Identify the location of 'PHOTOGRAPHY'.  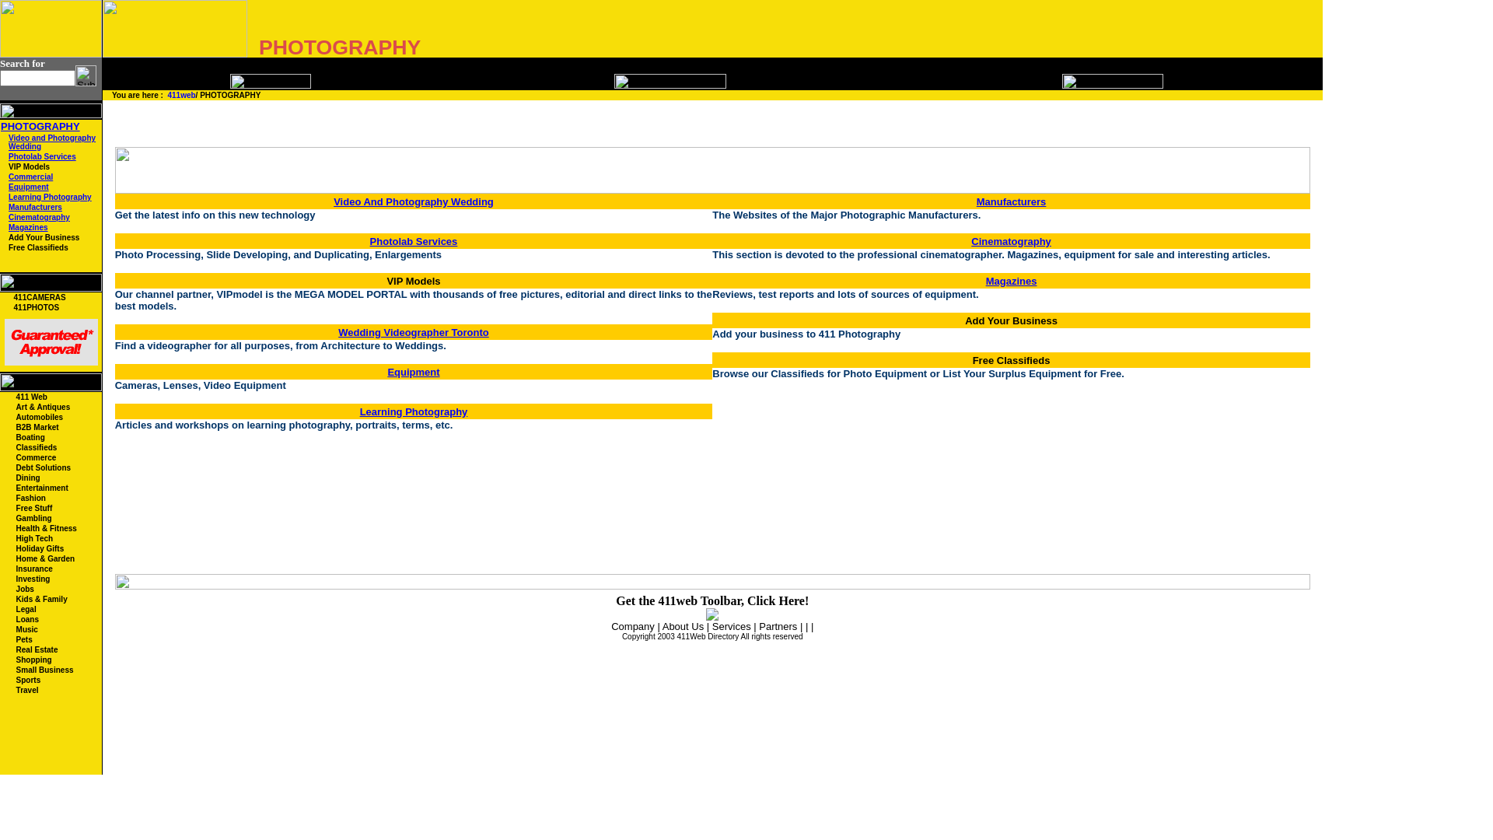
(40, 124).